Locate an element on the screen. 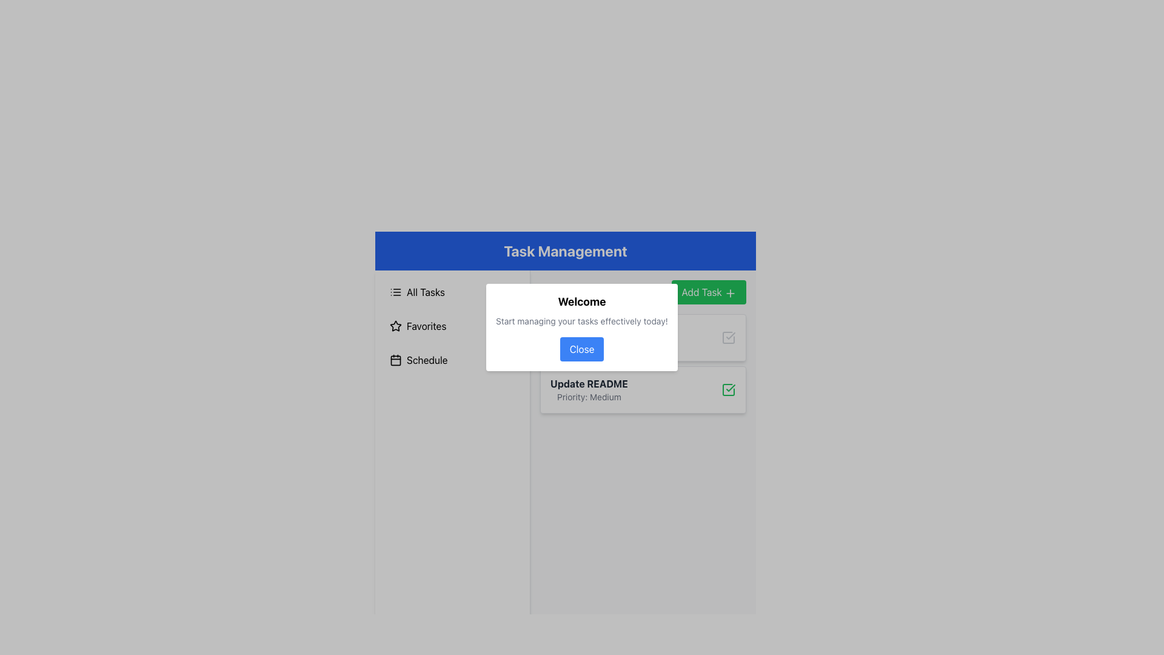 The image size is (1164, 655). the 'Close' button, which is a rounded button with white text on a blue background, located in the bottom center of the modal dialog box is located at coordinates (582, 349).